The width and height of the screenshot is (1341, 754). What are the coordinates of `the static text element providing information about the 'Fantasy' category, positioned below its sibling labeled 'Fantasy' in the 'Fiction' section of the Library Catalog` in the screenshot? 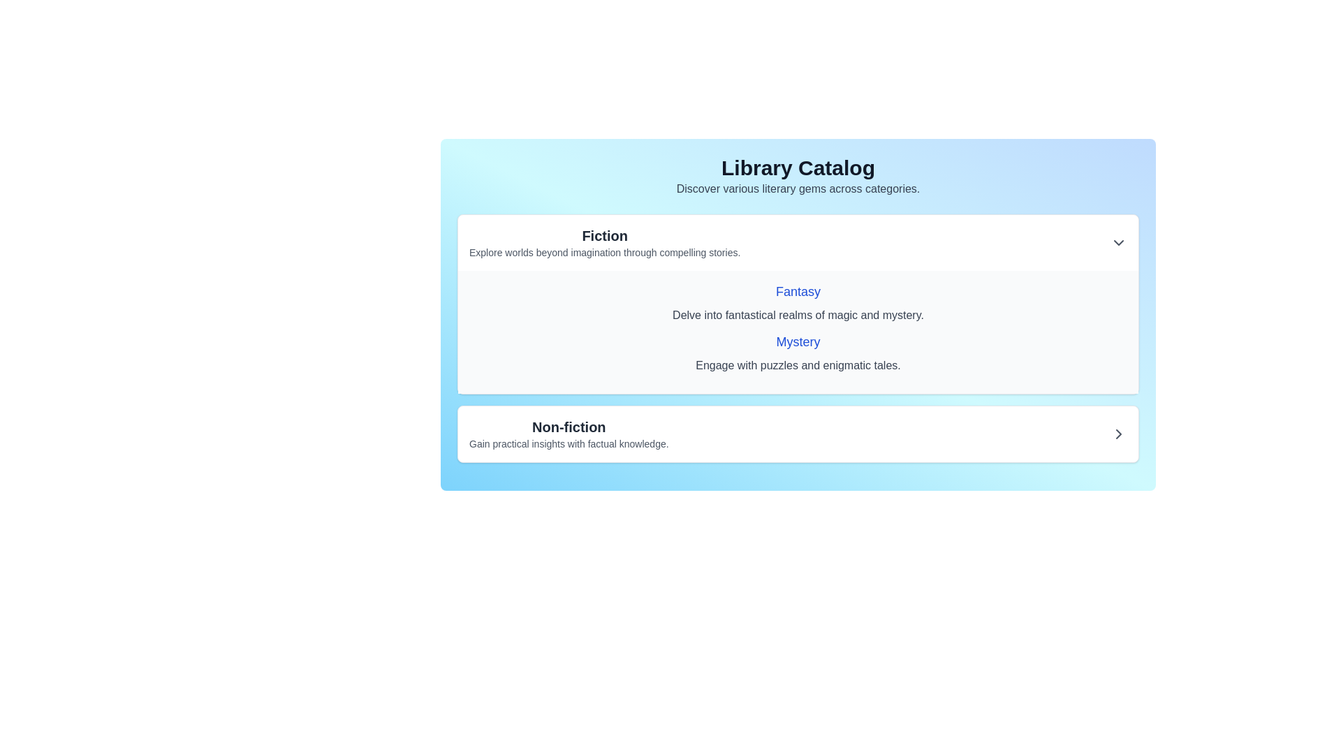 It's located at (798, 315).